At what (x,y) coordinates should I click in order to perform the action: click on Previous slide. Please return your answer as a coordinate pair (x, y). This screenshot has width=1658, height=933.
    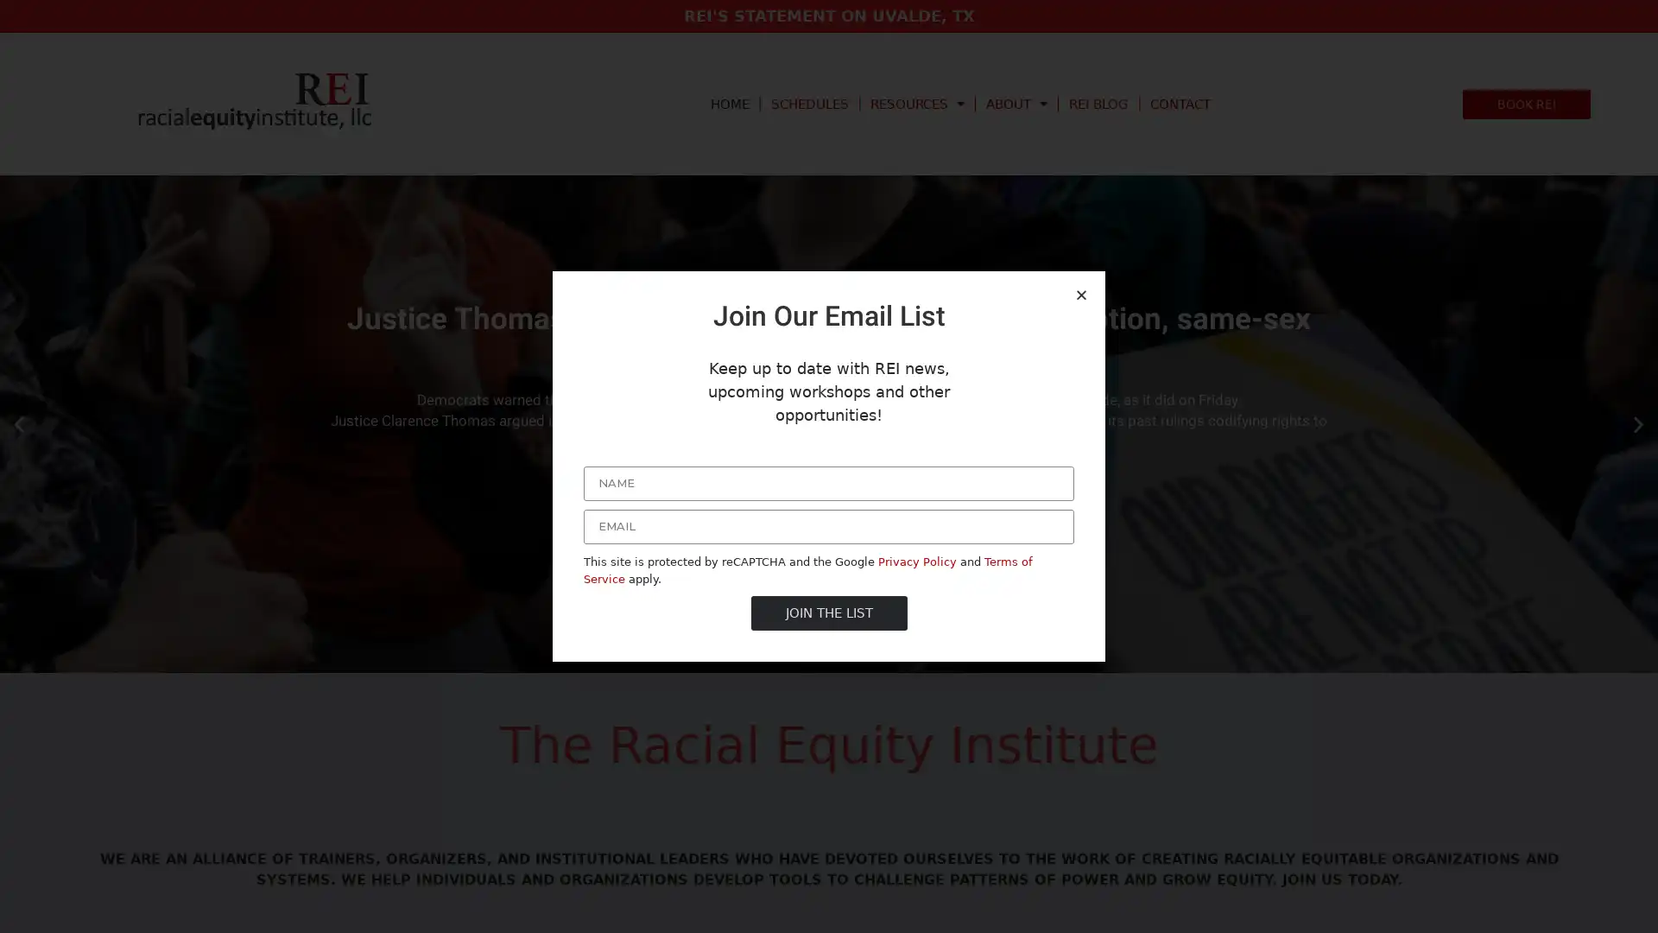
    Looking at the image, I should click on (19, 423).